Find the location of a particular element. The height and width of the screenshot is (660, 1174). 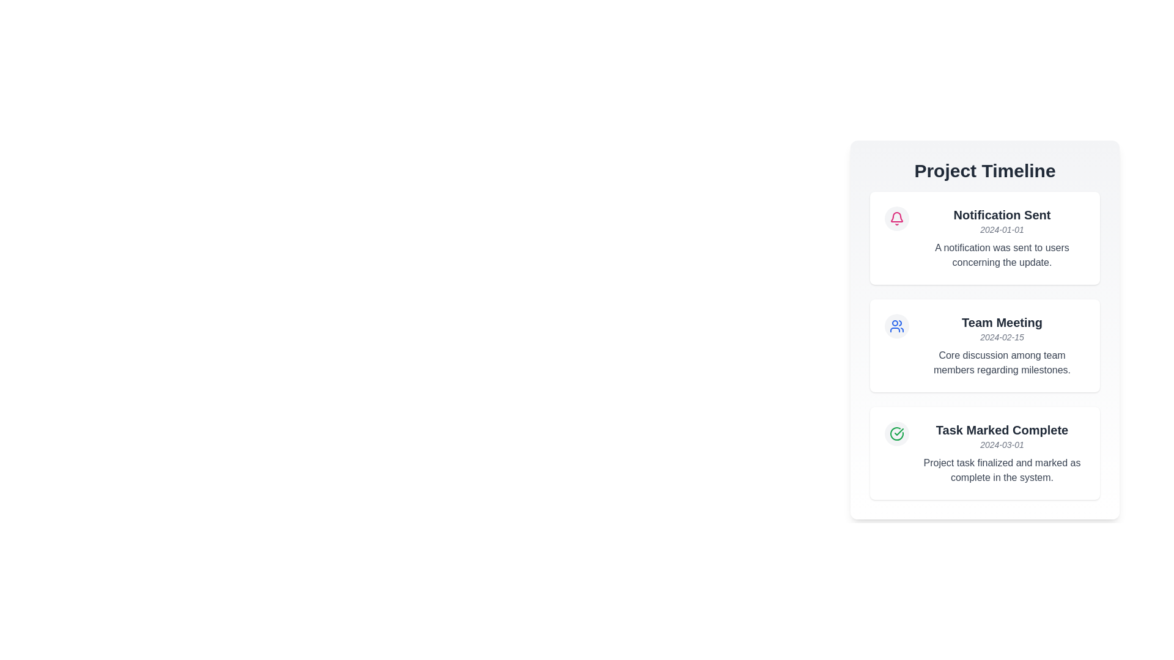

the small circular notification icon with a light gray background and a pink bell symbol, located to the left of the title 'Notification Sent' is located at coordinates (897, 218).